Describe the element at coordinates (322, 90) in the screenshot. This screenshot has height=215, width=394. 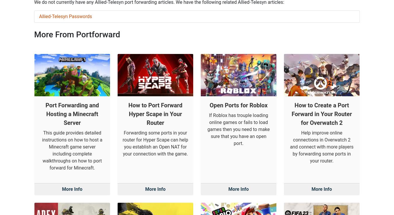
I see `'Help improve online connections in Overwatch 2 and connect with more players by forwarding some ports in your router.'` at that location.